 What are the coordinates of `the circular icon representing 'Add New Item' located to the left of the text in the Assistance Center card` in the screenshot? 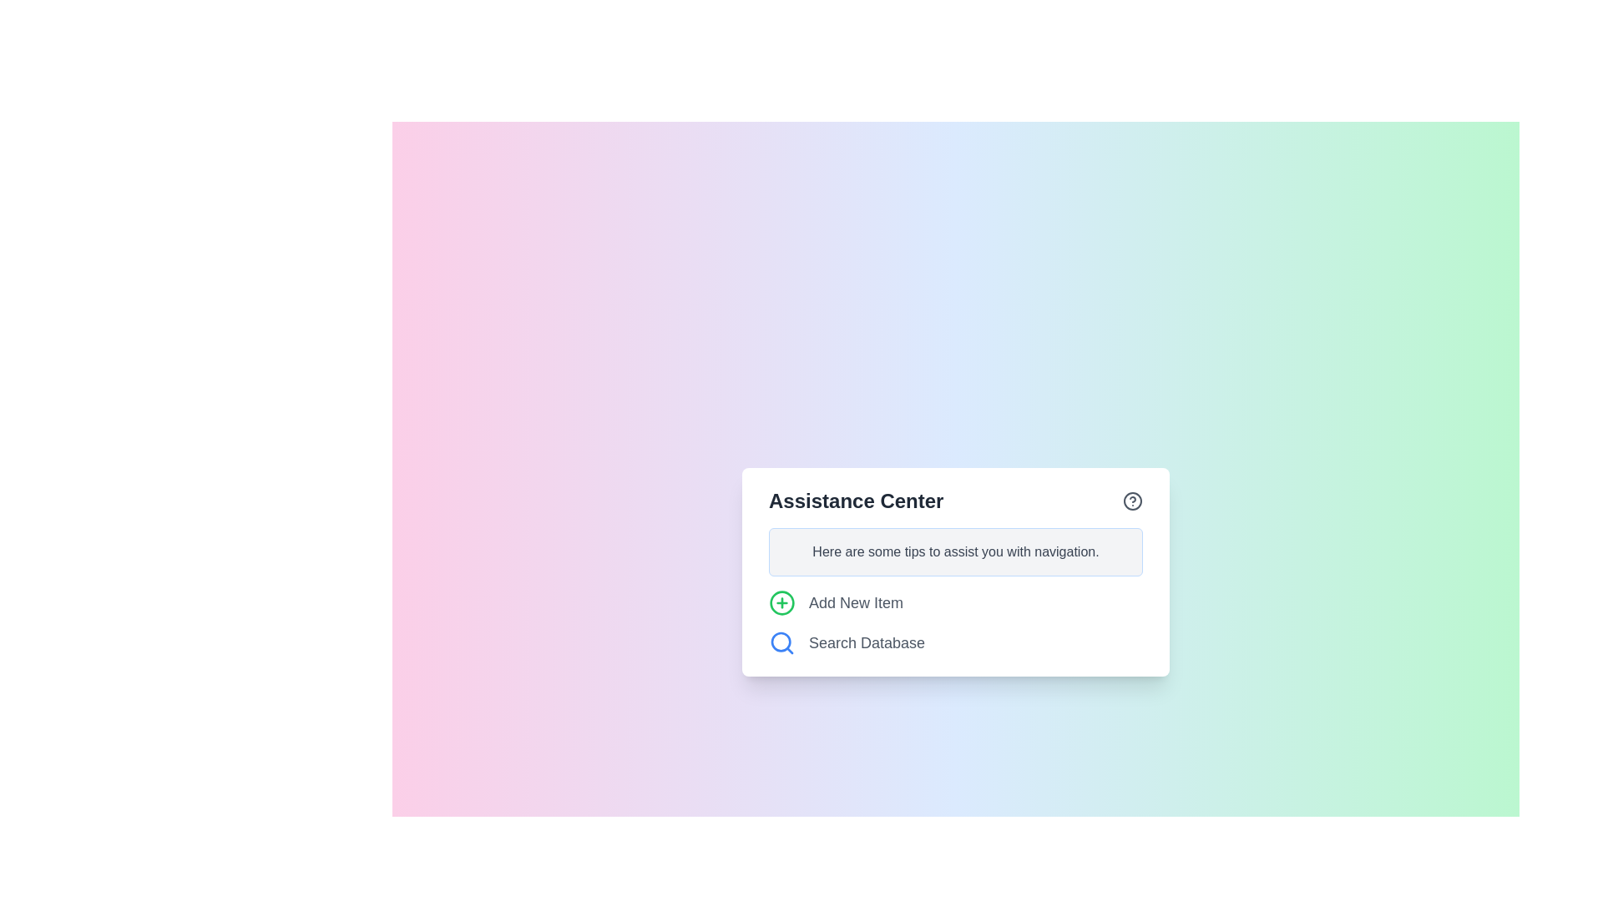 It's located at (781, 602).